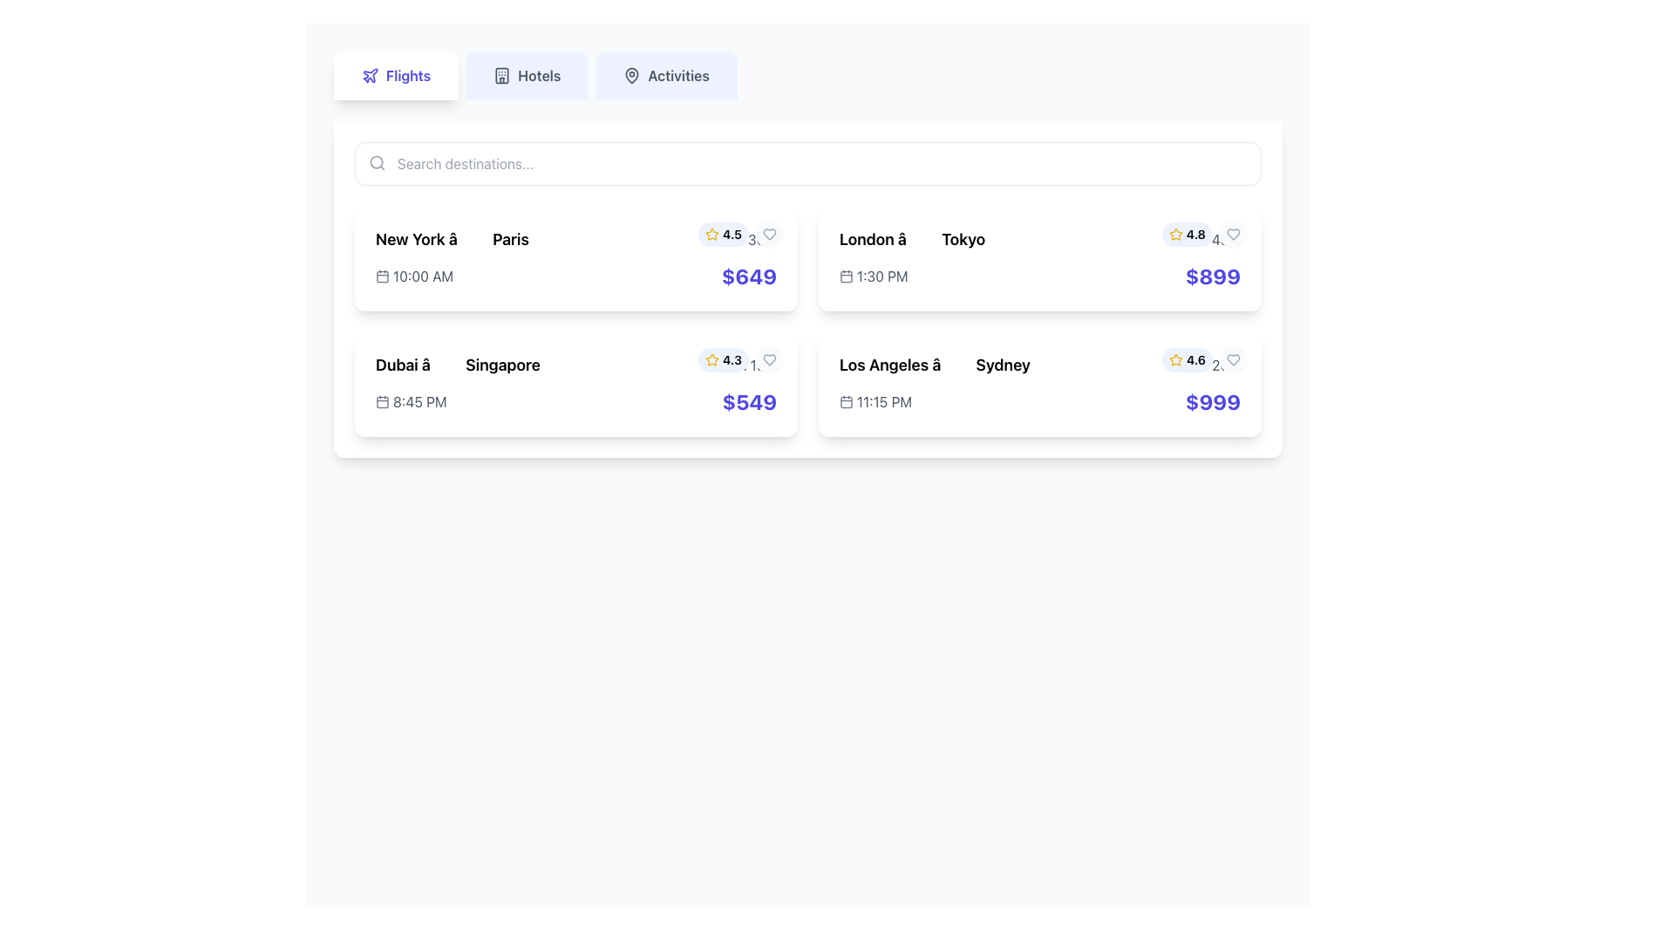  I want to click on the heart icon button located in the second column next to the rating information for the travel option 'London to Tokyo', so click(1233, 234).